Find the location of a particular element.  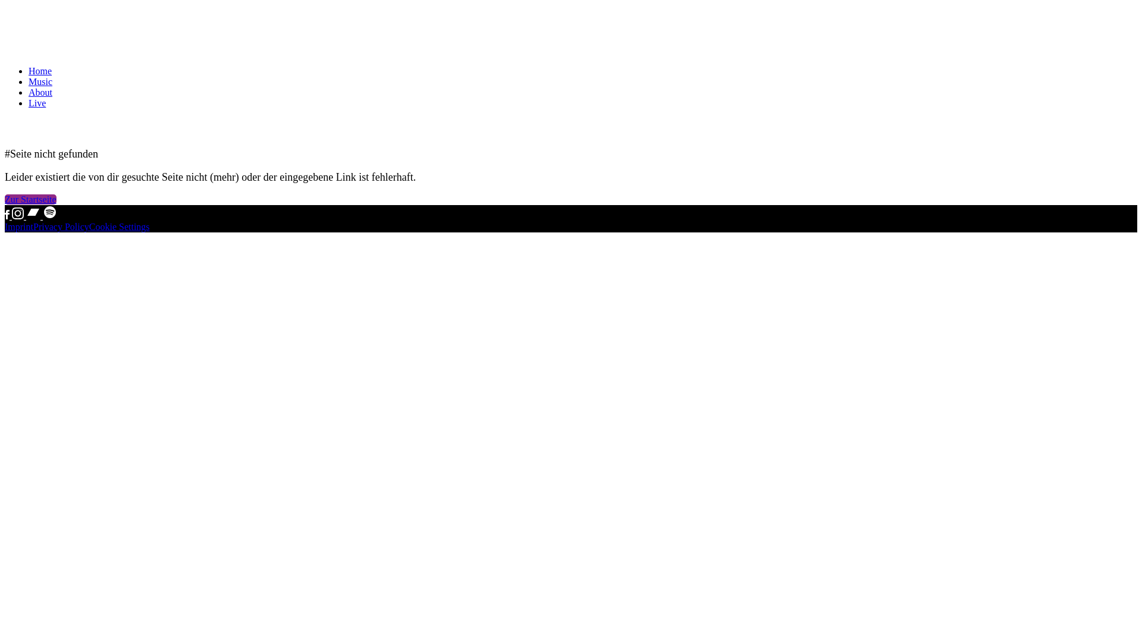

'Imprint' is located at coordinates (19, 226).